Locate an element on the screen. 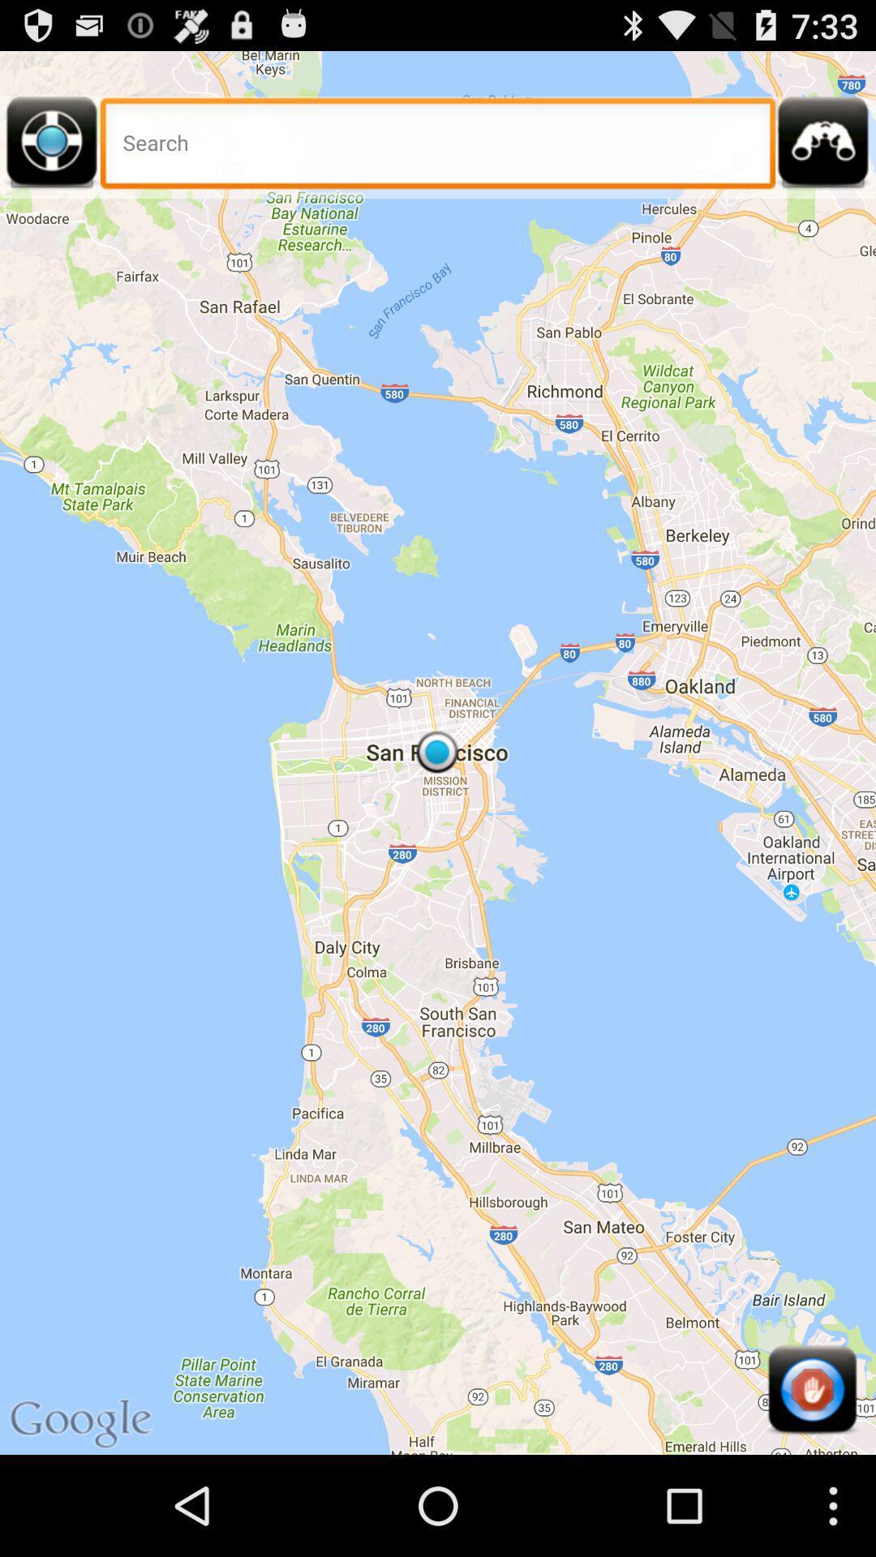 This screenshot has width=876, height=1557. item at the bottom right corner is located at coordinates (812, 1390).